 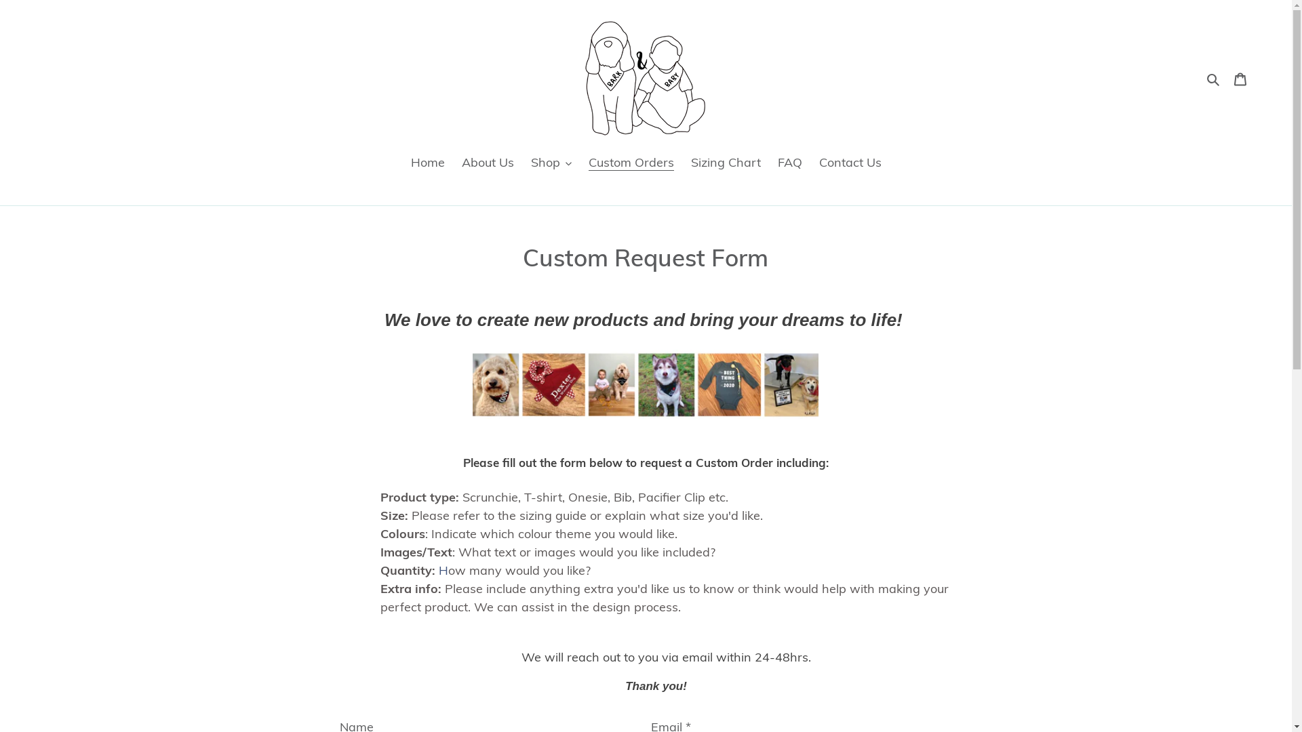 What do you see at coordinates (487, 162) in the screenshot?
I see `'About Us'` at bounding box center [487, 162].